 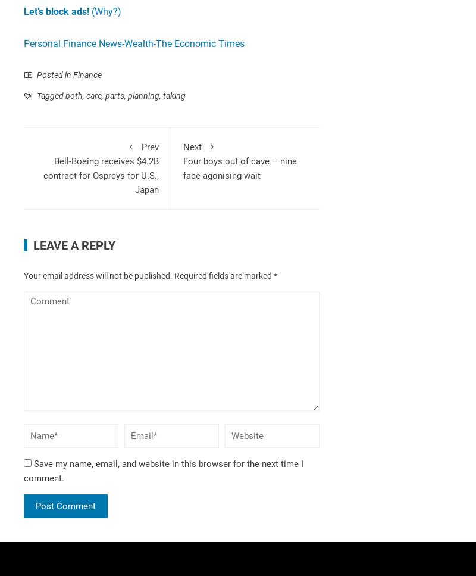 I want to click on 'Bell-Boeing receives $4.2B contract for Ospreys for U.S., Japan', so click(x=101, y=175).